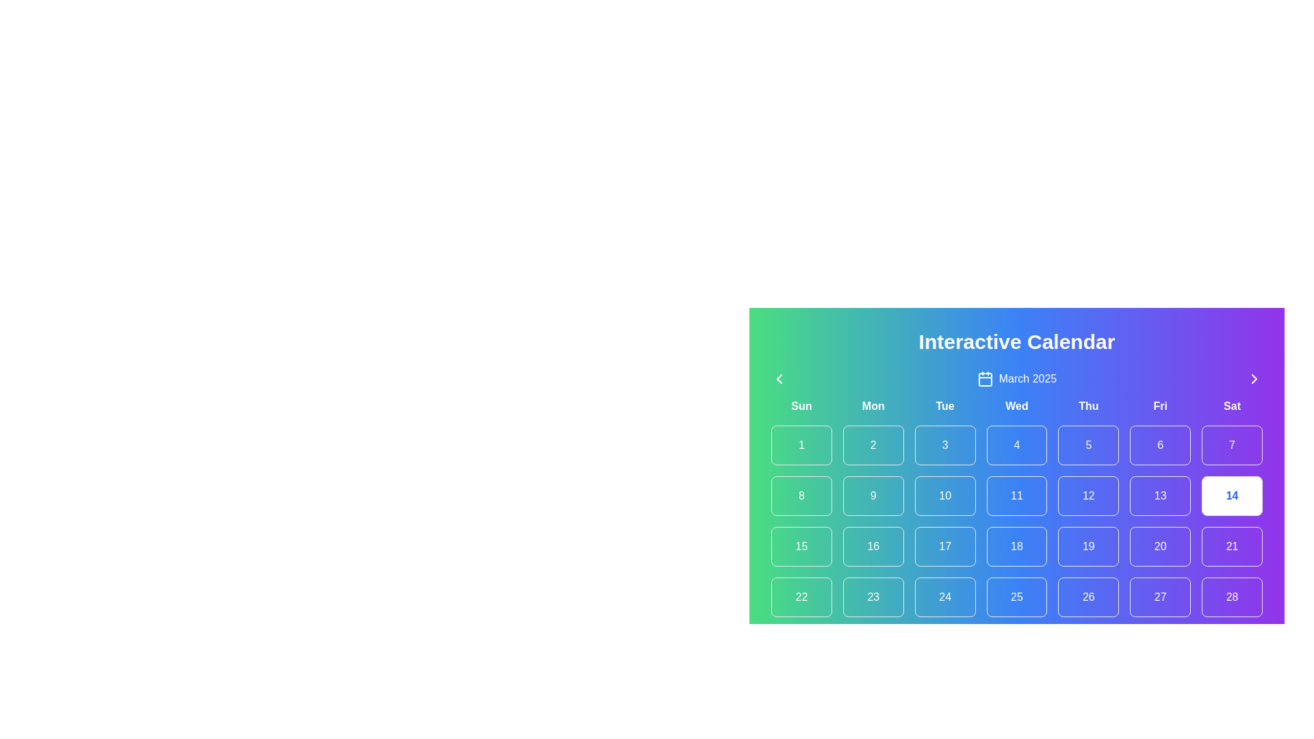 The width and height of the screenshot is (1314, 739). What do you see at coordinates (801, 545) in the screenshot?
I see `the green rounded rectangular button with the number '15' in white text` at bounding box center [801, 545].